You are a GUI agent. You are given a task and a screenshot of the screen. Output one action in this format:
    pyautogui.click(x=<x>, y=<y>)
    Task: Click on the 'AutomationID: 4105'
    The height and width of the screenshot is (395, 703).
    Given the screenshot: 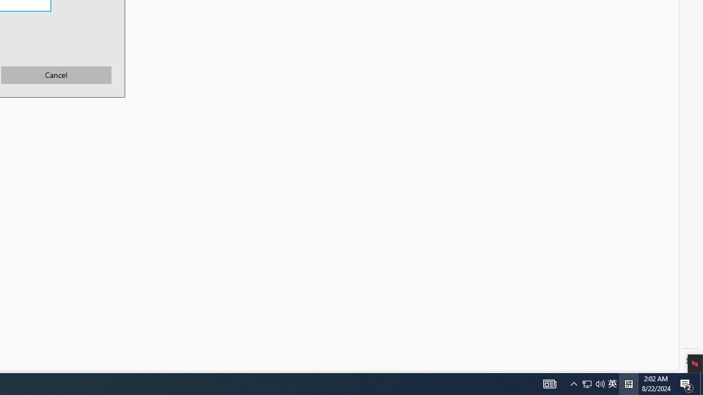 What is the action you would take?
    pyautogui.click(x=549, y=383)
    